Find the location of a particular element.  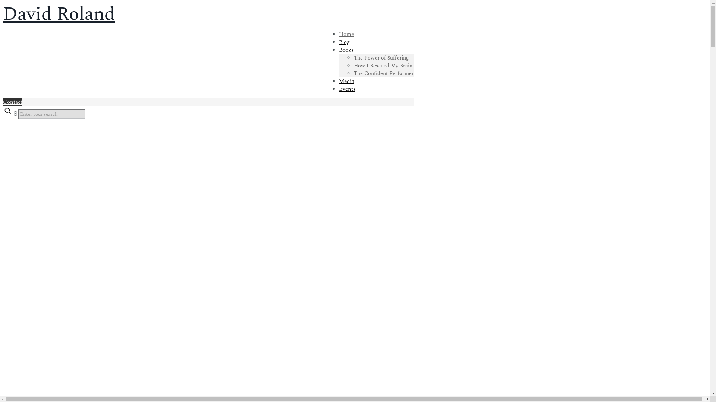

'Home' is located at coordinates (346, 34).